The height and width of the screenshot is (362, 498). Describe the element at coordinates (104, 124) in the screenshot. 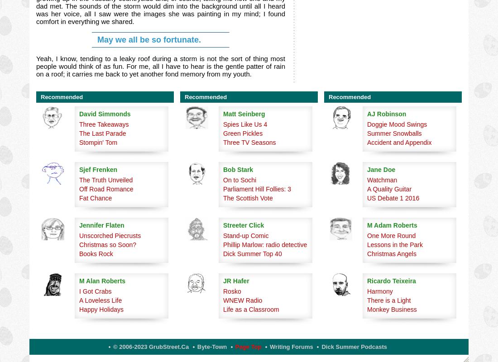

I see `'Three Takeaways'` at that location.